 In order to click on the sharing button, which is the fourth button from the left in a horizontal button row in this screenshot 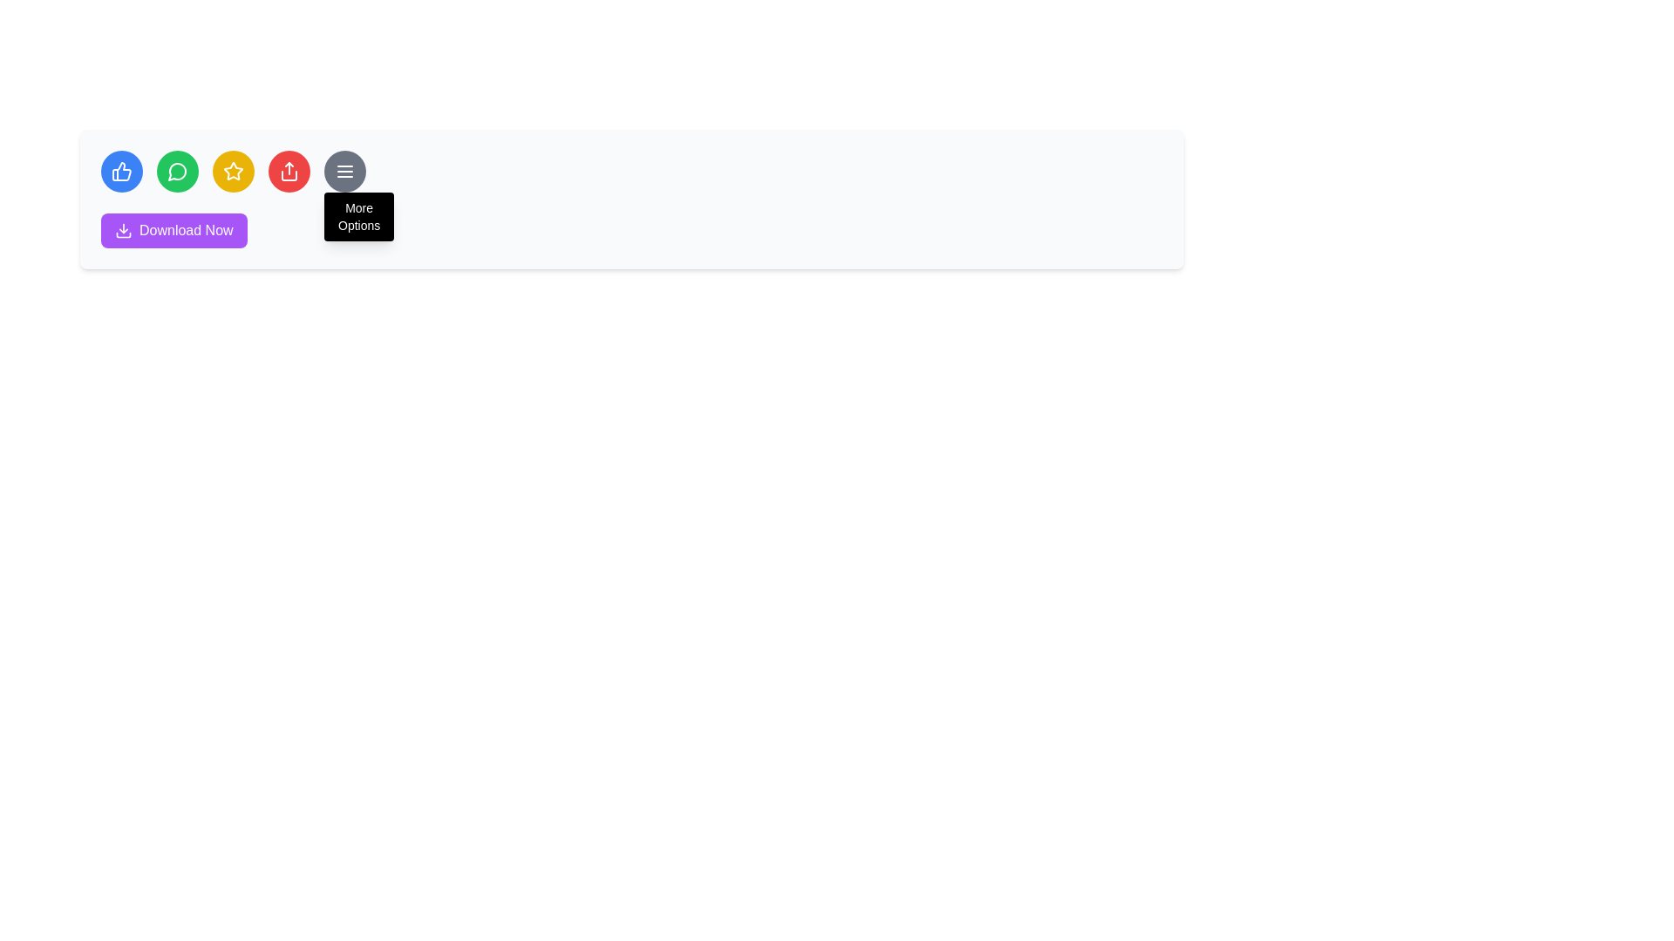, I will do `click(289, 171)`.